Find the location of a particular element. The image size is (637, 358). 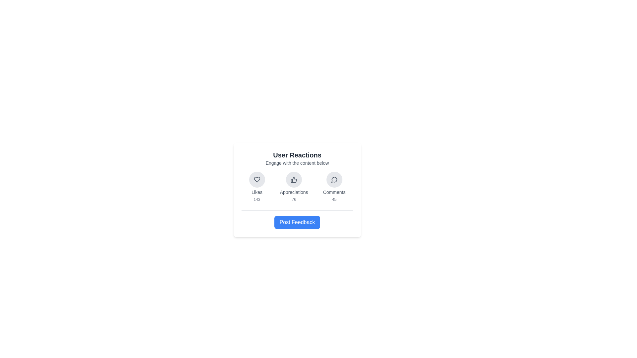

the heart-shaped button in the 'Likes' section is located at coordinates (256, 180).